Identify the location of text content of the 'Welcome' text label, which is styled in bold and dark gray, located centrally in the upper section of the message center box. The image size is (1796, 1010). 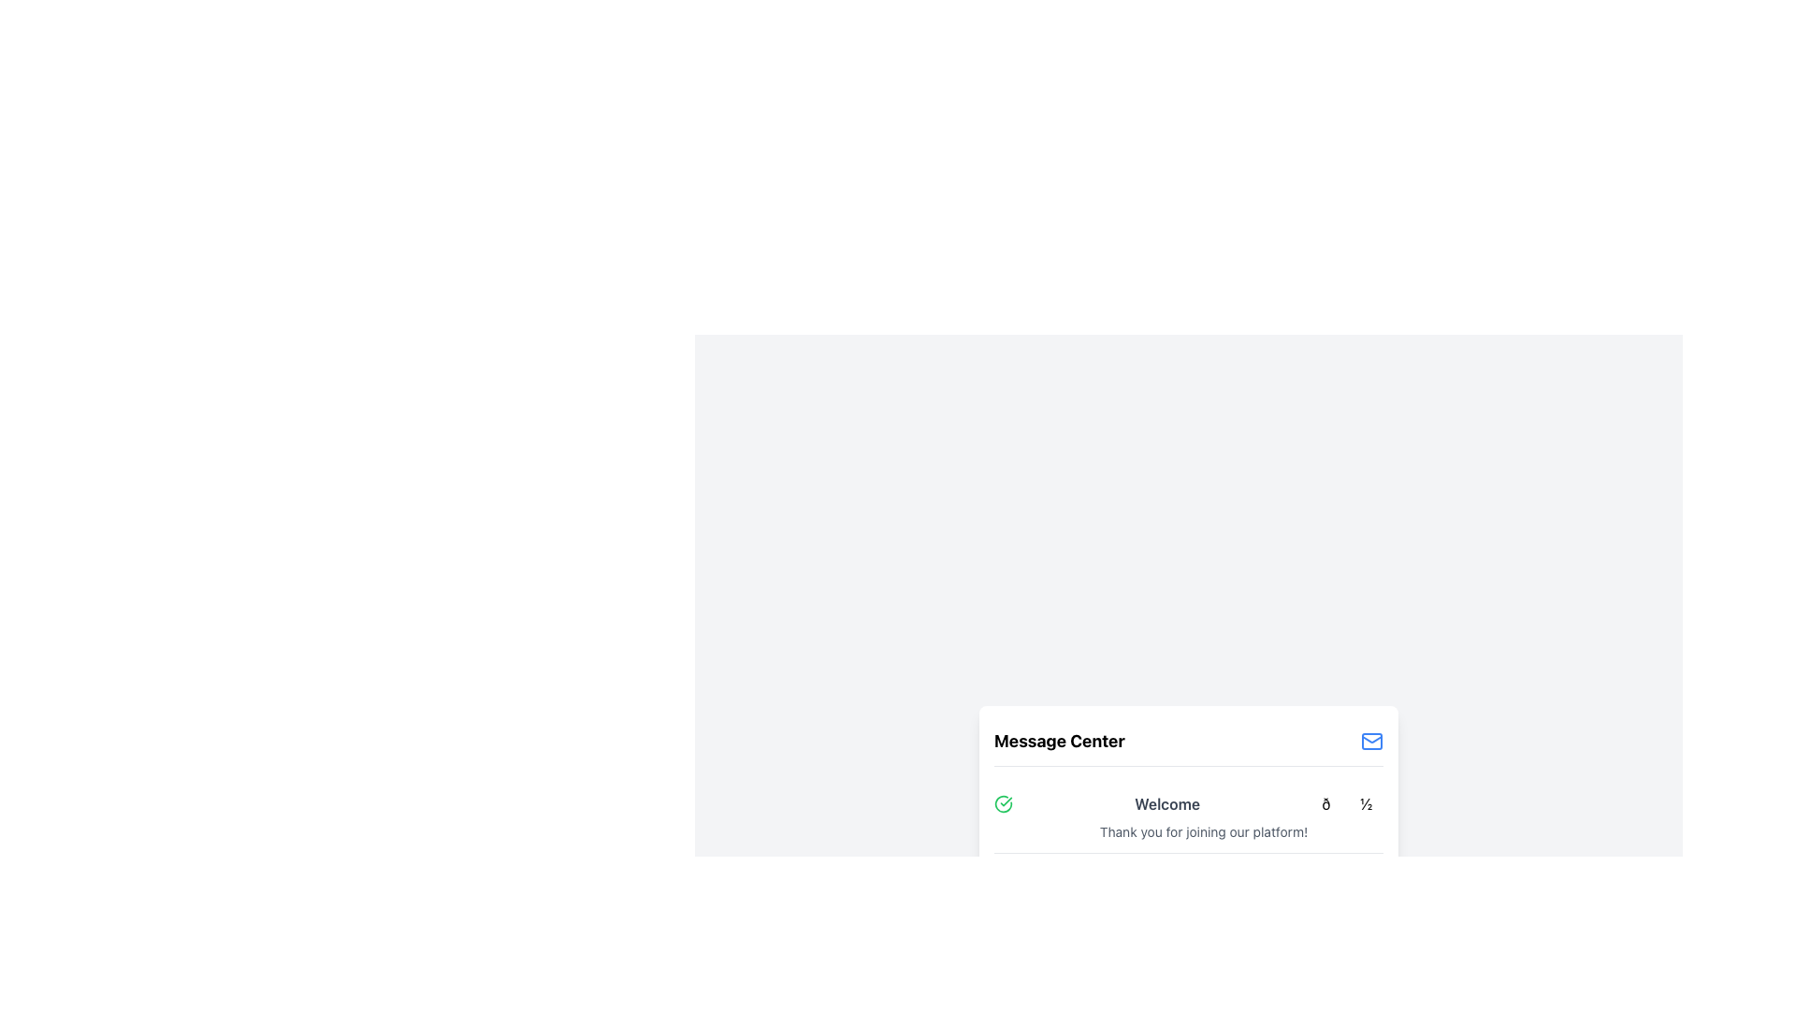
(1166, 803).